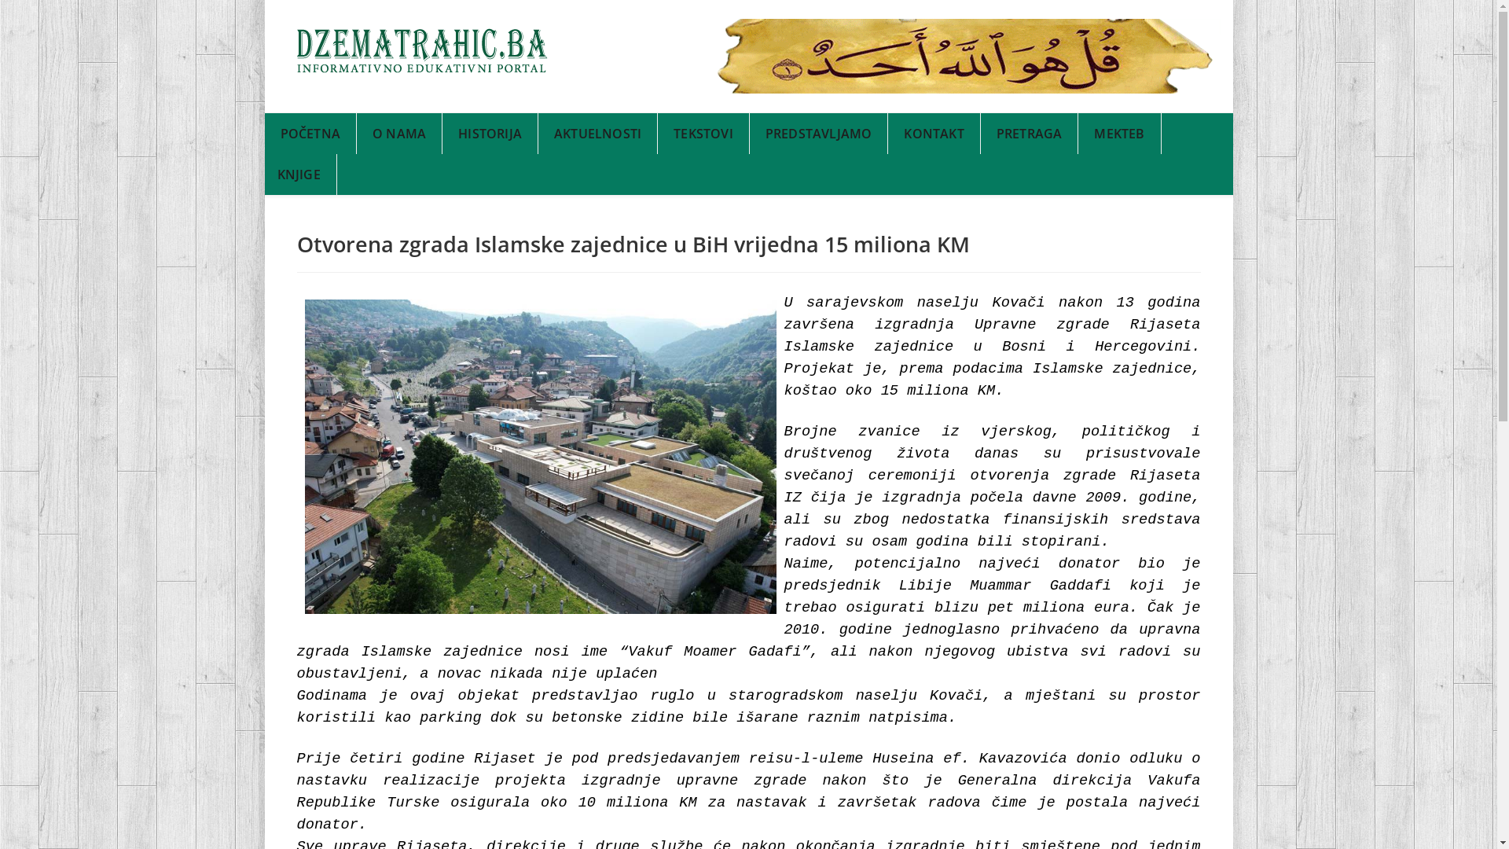  I want to click on 'PRETRAGA', so click(1030, 132).